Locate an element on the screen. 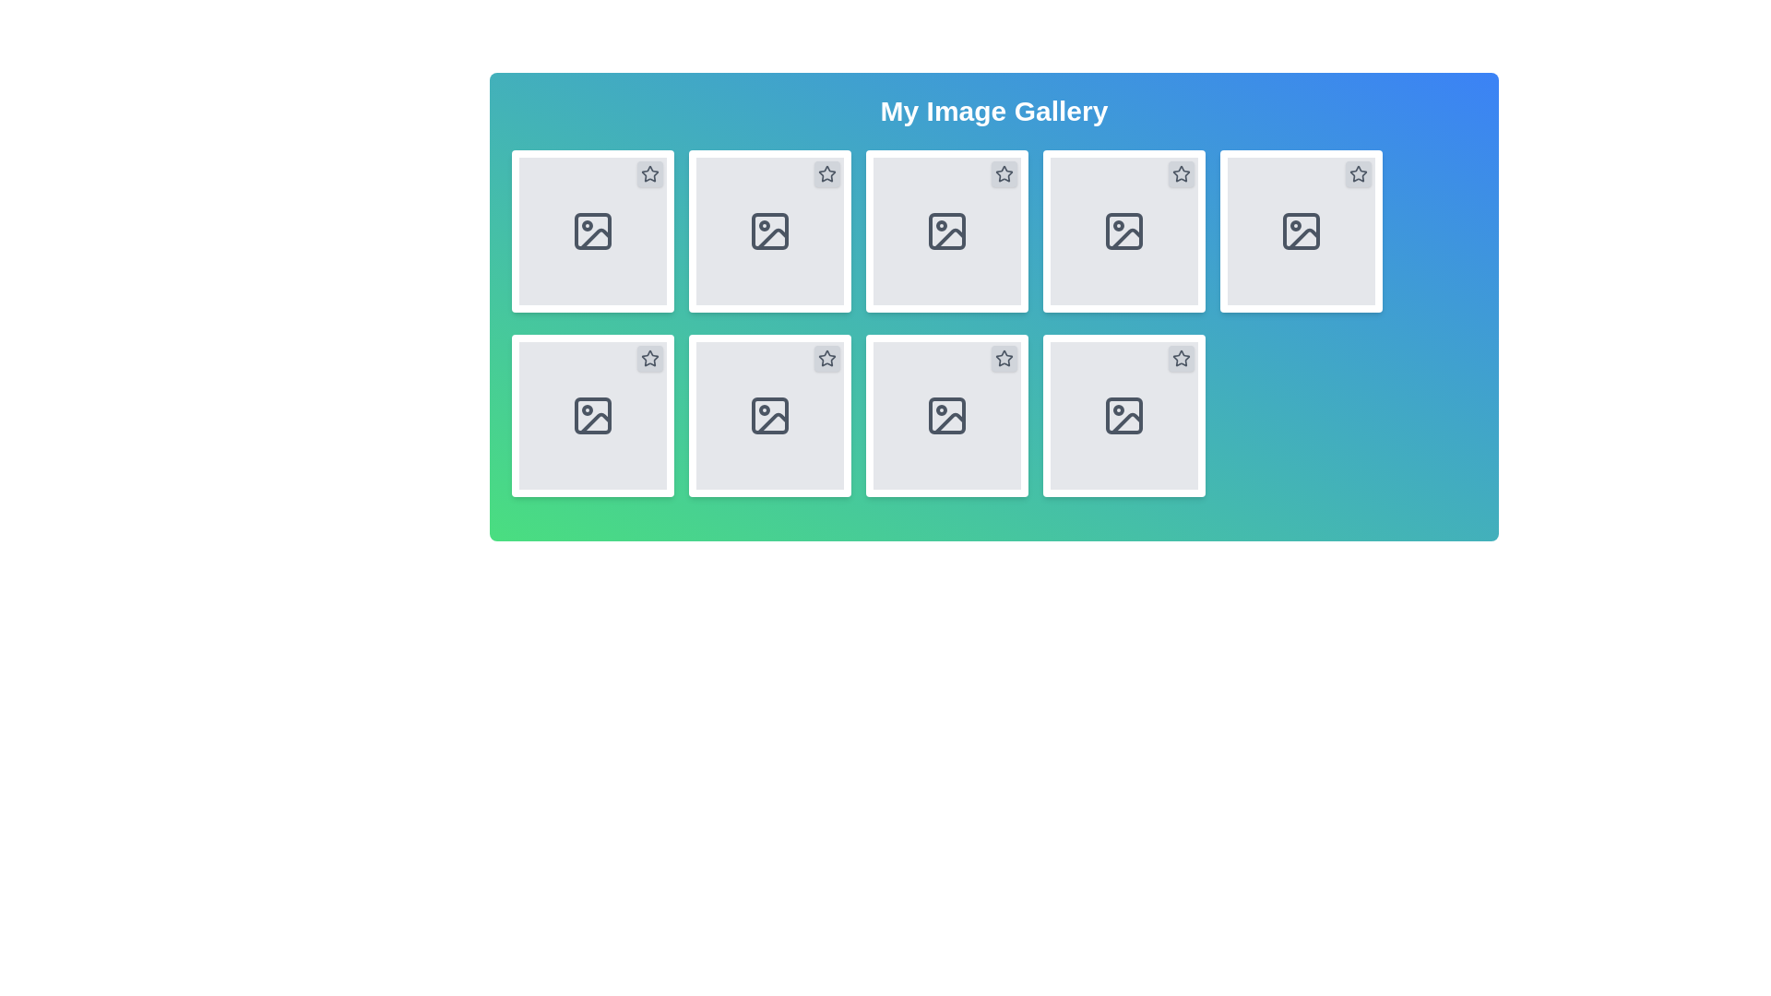 This screenshot has height=996, width=1771. the interactive image card with a visual icon and a favorite action button located in the second row and third column of the grid in 'My Image Gallery' is located at coordinates (947, 230).